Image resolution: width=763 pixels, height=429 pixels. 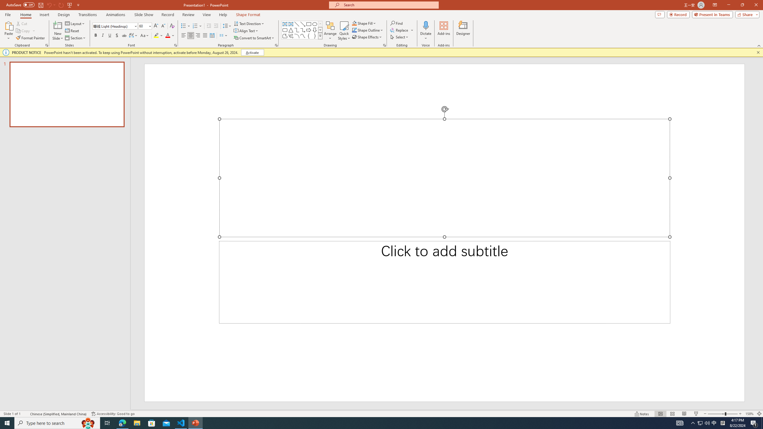 What do you see at coordinates (87, 15) in the screenshot?
I see `'Transitions'` at bounding box center [87, 15].